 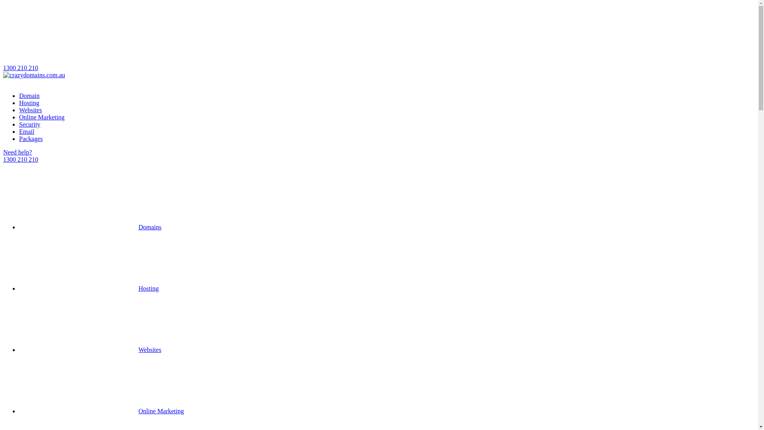 I want to click on 'Online Marketing', so click(x=41, y=117).